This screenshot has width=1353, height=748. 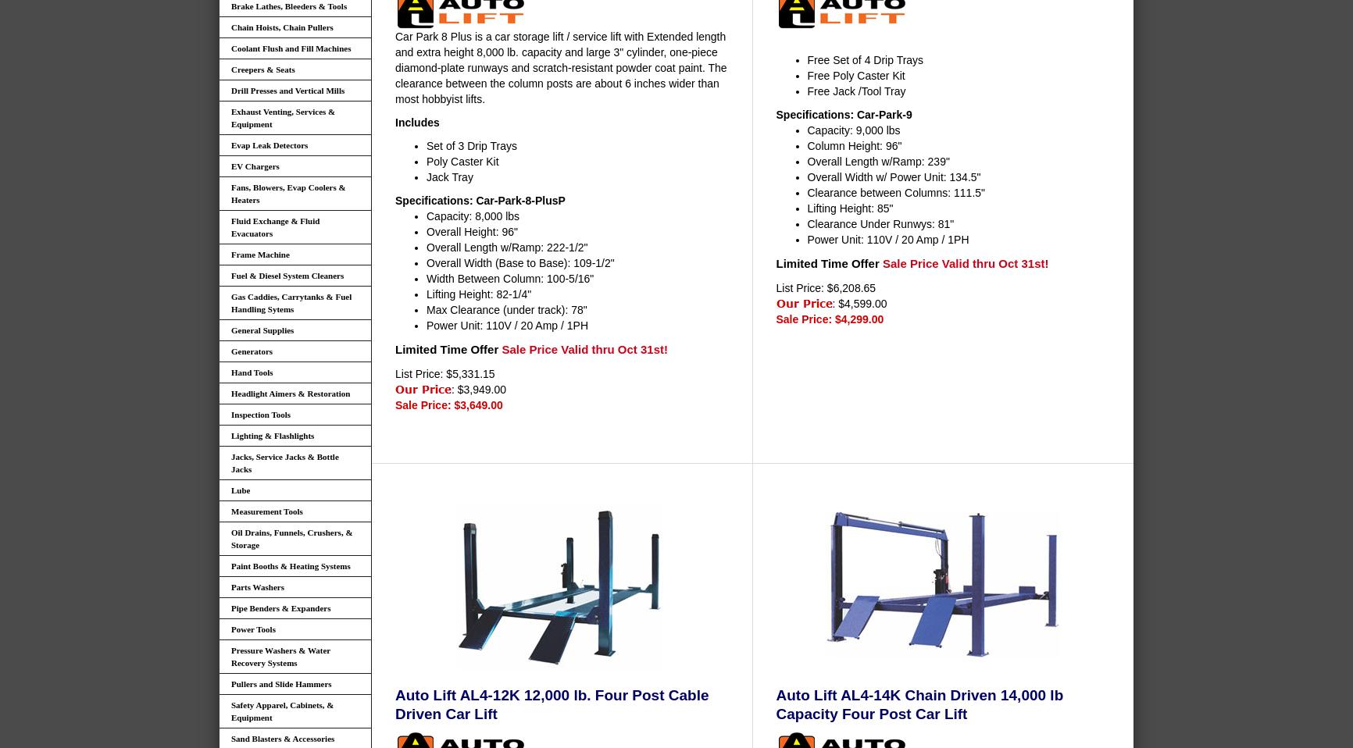 What do you see at coordinates (230, 5) in the screenshot?
I see `'Brake Lathes, Bleeders & Tools'` at bounding box center [230, 5].